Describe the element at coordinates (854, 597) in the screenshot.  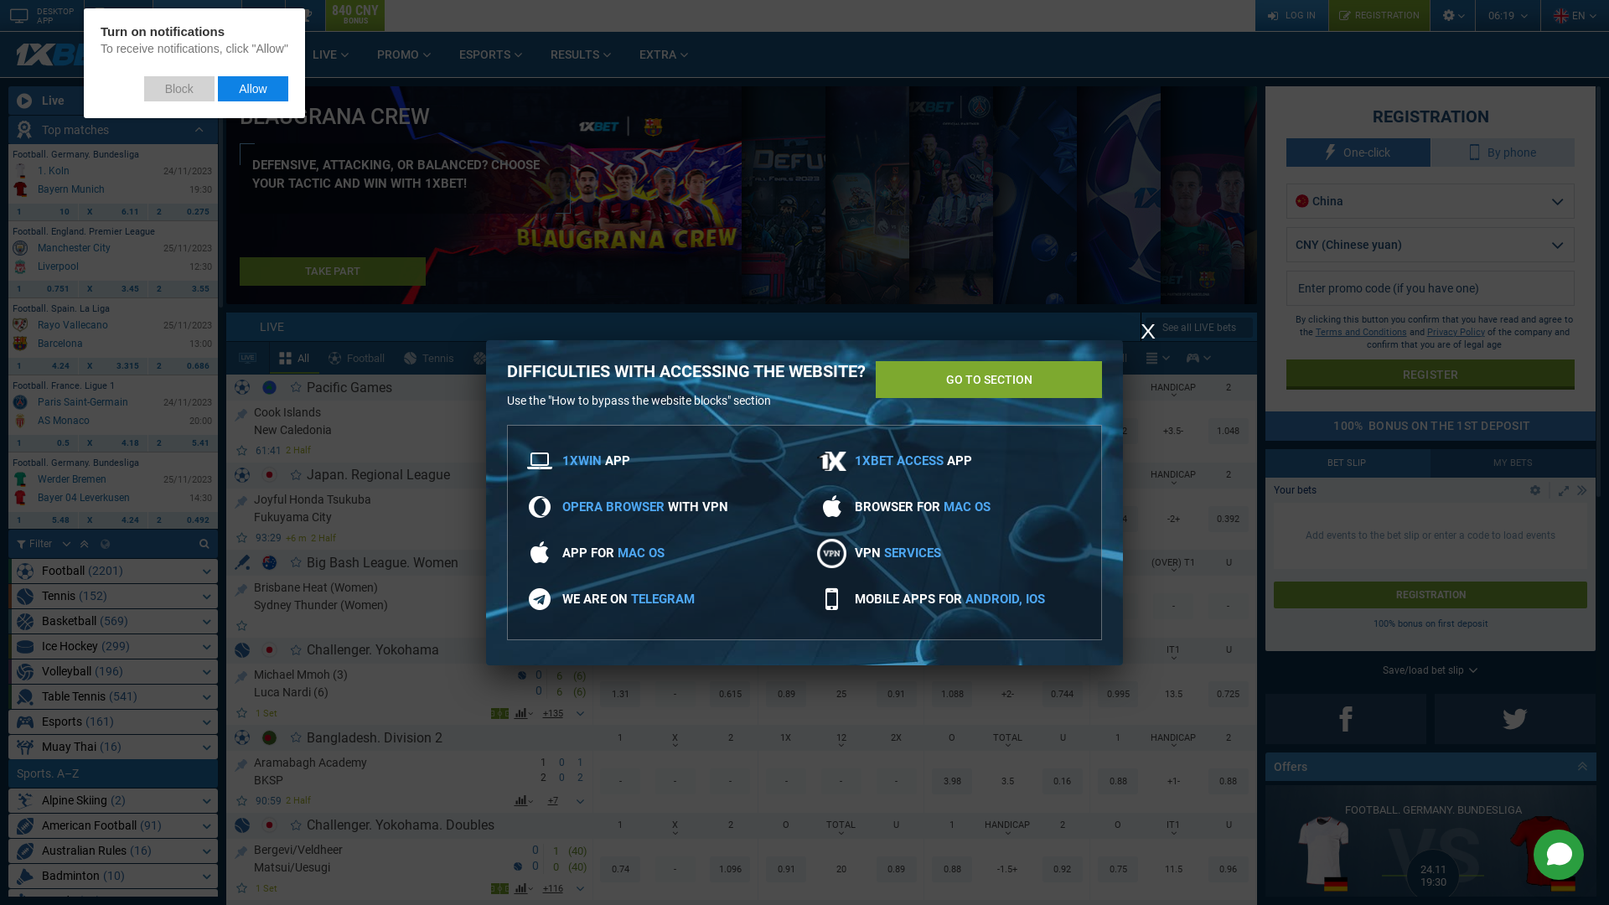
I see `'MOBILE APPS FOR ANDROID, IOS'` at that location.